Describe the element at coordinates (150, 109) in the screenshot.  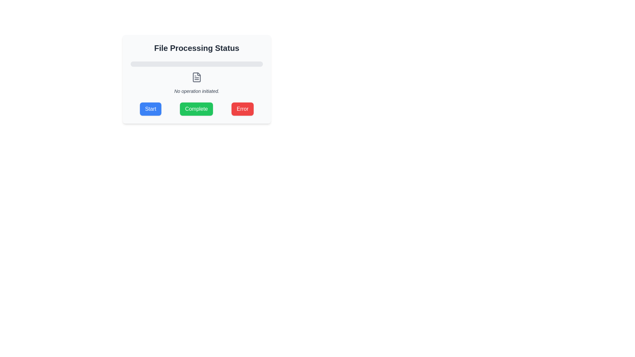
I see `the actionable button located in the 'File Processing Status' panel, which is the first of three horizontally aligned buttons` at that location.